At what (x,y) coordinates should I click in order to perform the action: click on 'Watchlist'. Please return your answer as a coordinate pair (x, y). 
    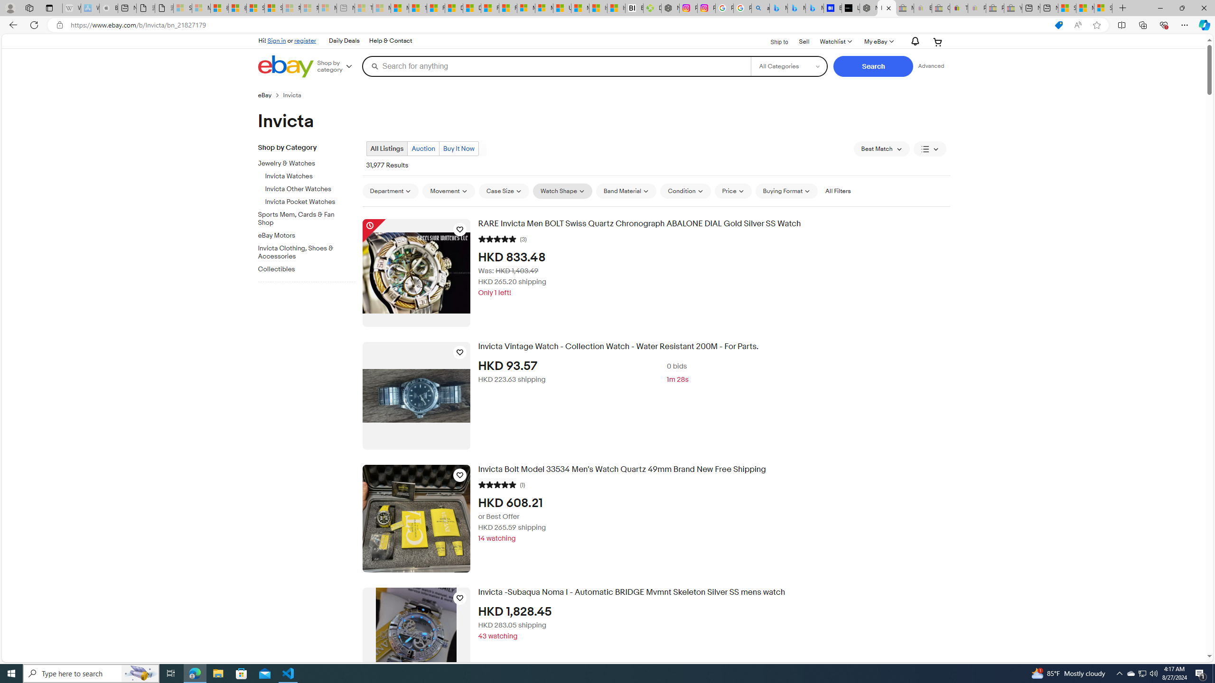
    Looking at the image, I should click on (835, 41).